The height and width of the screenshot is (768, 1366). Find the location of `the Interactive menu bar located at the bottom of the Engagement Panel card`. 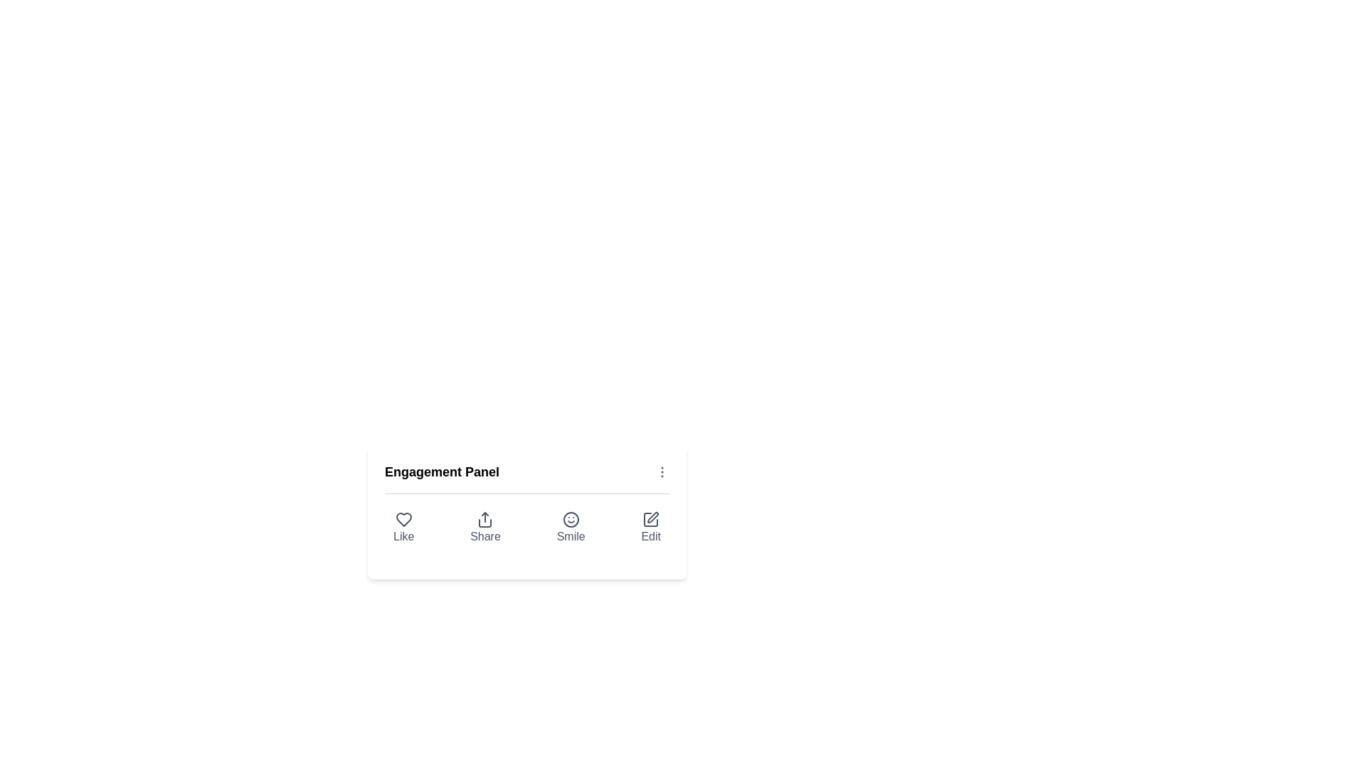

the Interactive menu bar located at the bottom of the Engagement Panel card is located at coordinates (526, 528).